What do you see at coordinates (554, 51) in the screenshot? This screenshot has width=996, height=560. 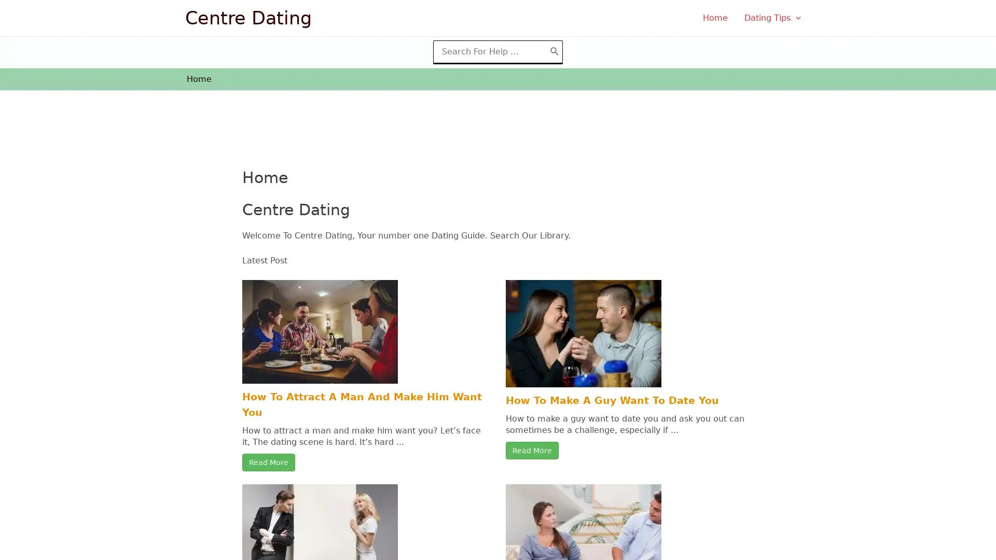 I see `Search` at bounding box center [554, 51].